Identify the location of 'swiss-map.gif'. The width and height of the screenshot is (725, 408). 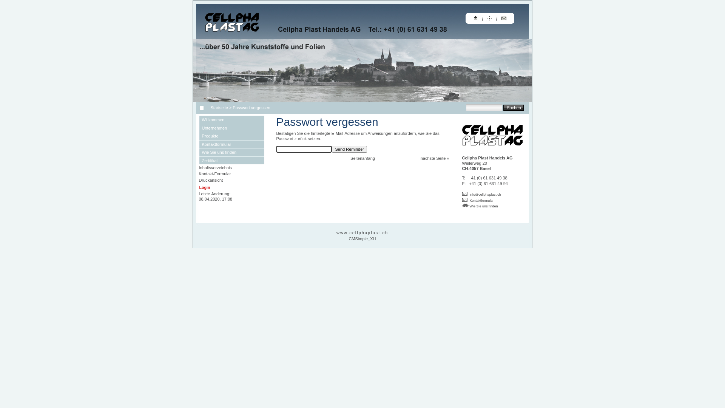
(465, 205).